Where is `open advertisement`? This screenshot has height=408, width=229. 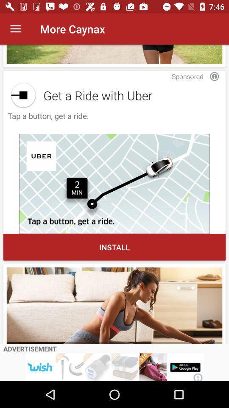 open advertisement is located at coordinates (114, 367).